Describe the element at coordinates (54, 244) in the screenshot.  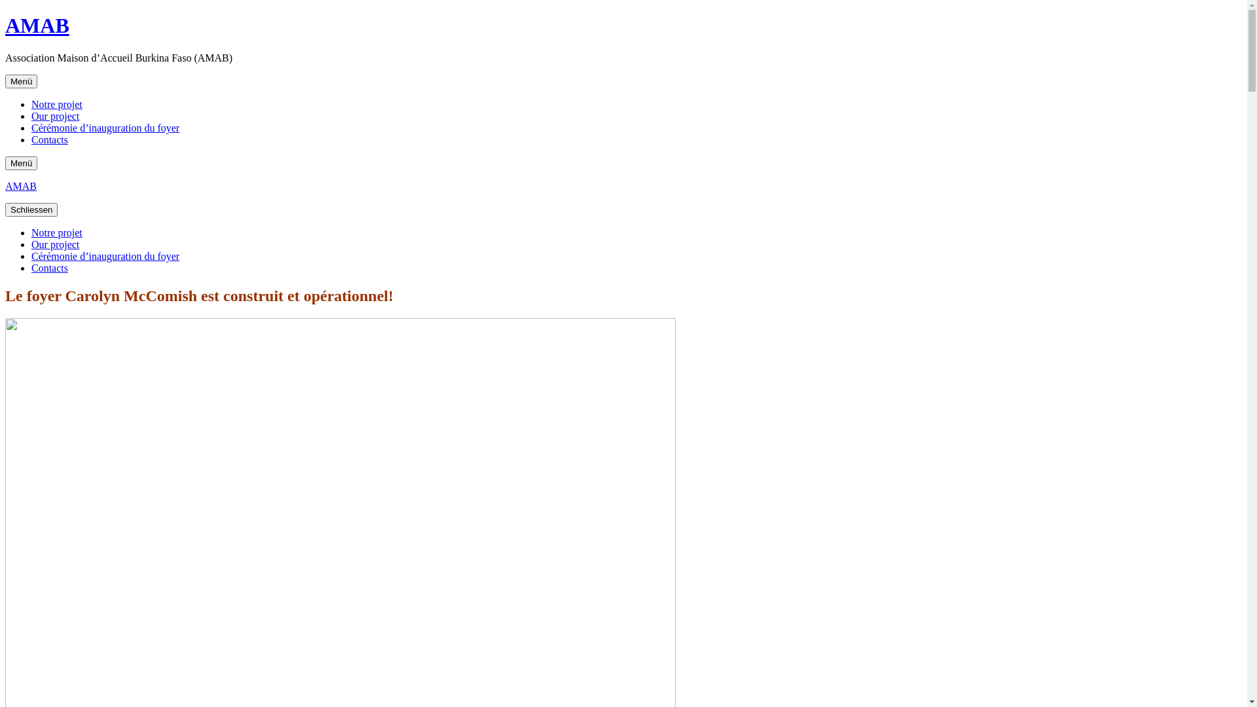
I see `'Our project'` at that location.